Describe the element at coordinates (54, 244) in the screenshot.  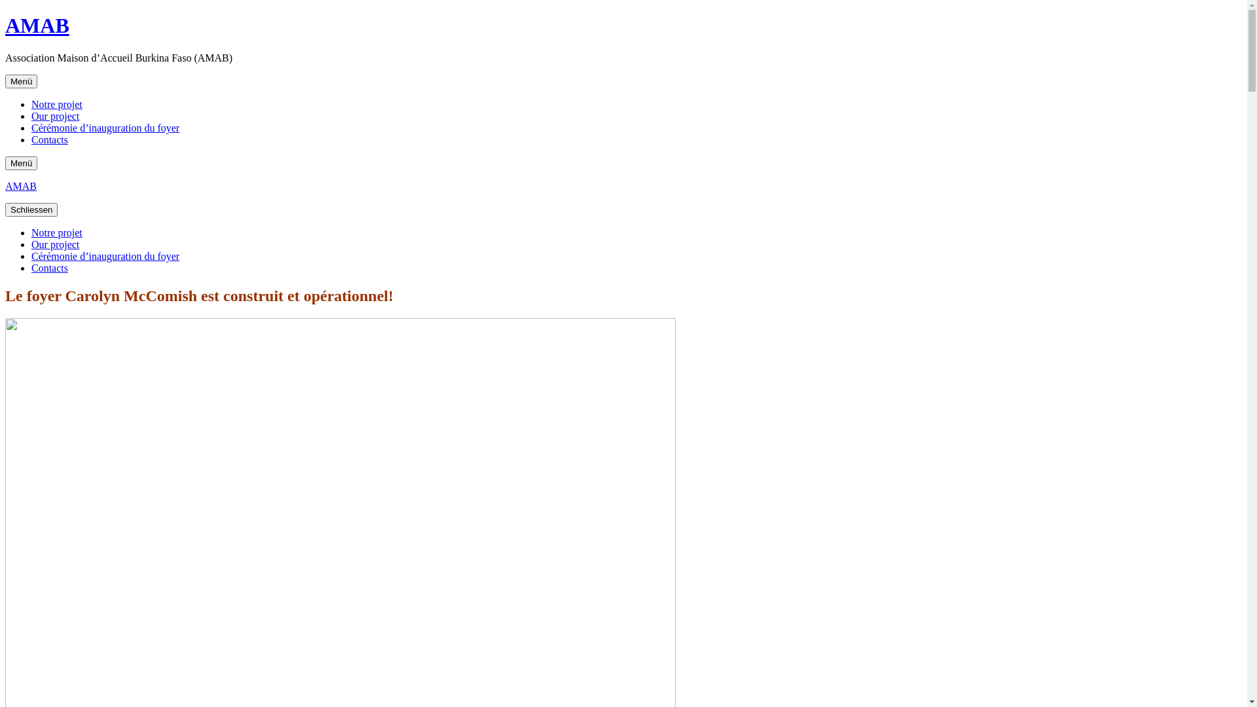
I see `'Our project'` at that location.